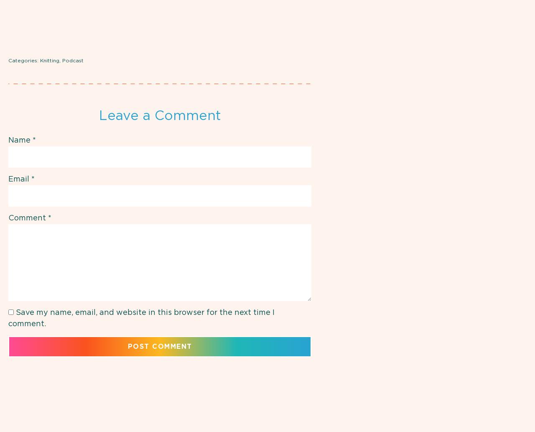 The image size is (535, 432). I want to click on 'Knitting', so click(49, 61).